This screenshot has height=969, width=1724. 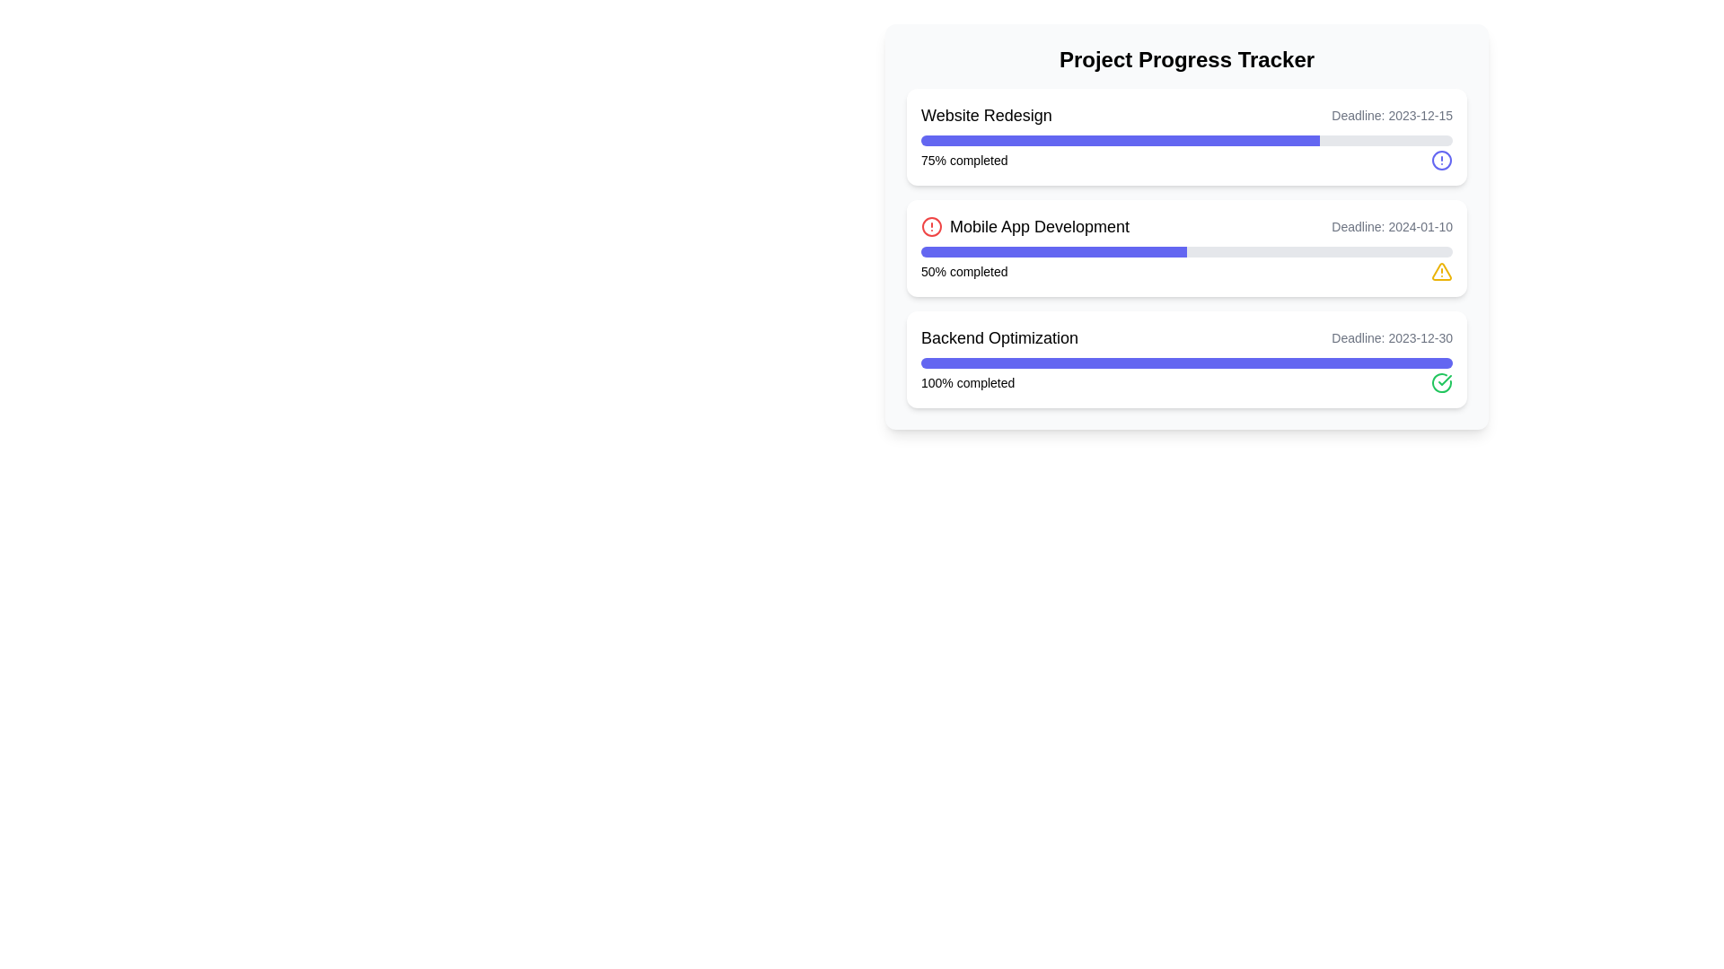 I want to click on the progress bar located below 'Website Redesign' and above '75% completed', which has a gray background and an indigo-filled section occupying 75% of its width, so click(x=1186, y=140).